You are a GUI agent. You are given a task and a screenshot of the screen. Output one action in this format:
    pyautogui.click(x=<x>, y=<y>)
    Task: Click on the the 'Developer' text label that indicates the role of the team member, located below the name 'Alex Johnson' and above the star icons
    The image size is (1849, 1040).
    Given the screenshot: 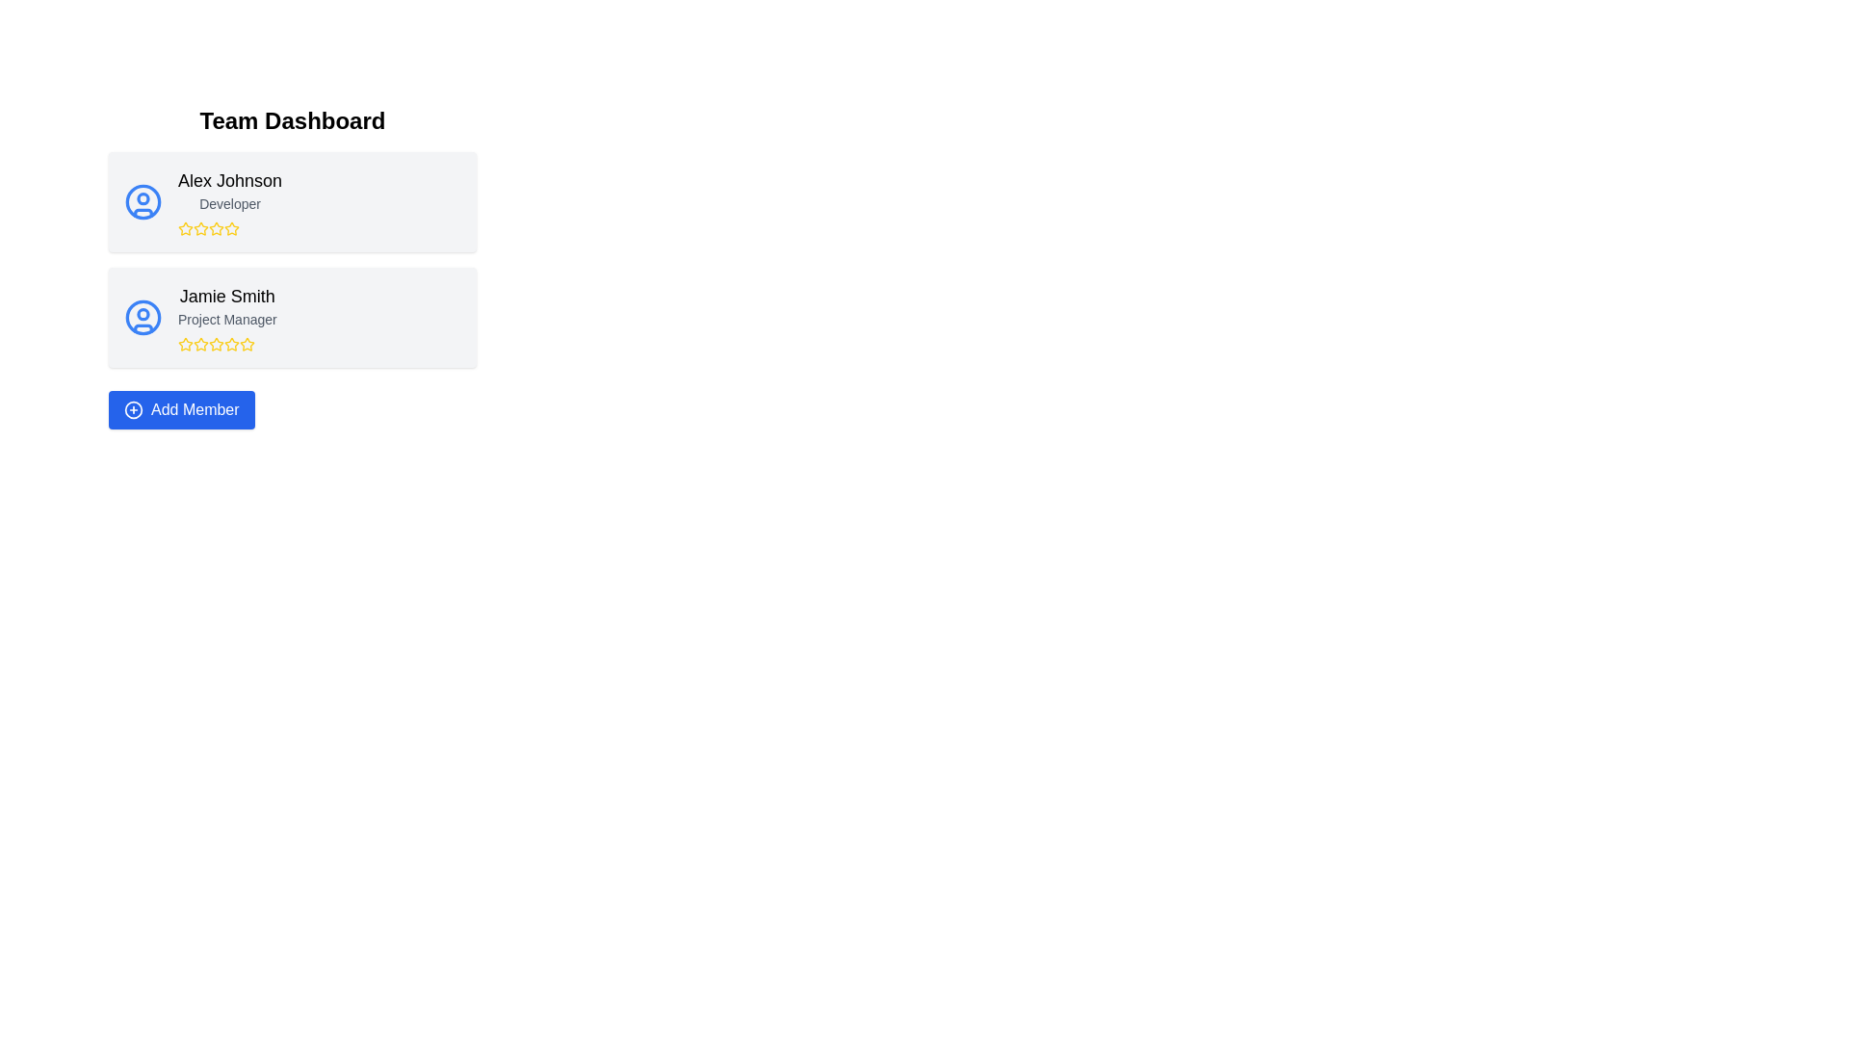 What is the action you would take?
    pyautogui.click(x=230, y=204)
    